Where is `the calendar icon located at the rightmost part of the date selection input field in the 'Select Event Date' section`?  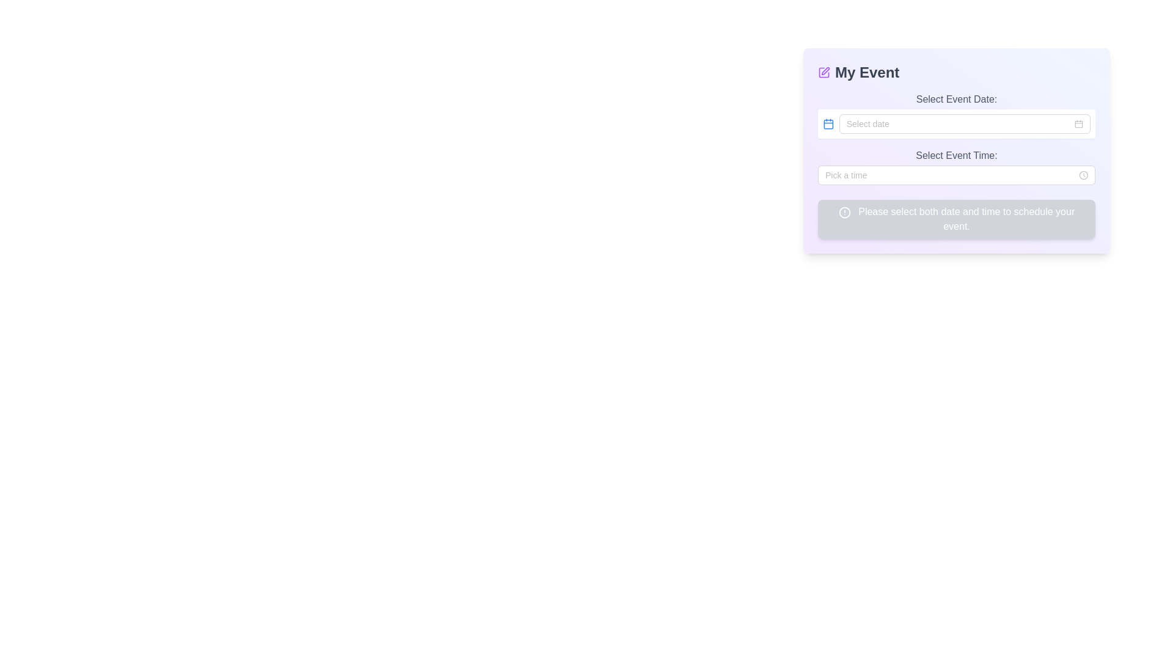 the calendar icon located at the rightmost part of the date selection input field in the 'Select Event Date' section is located at coordinates (1079, 124).